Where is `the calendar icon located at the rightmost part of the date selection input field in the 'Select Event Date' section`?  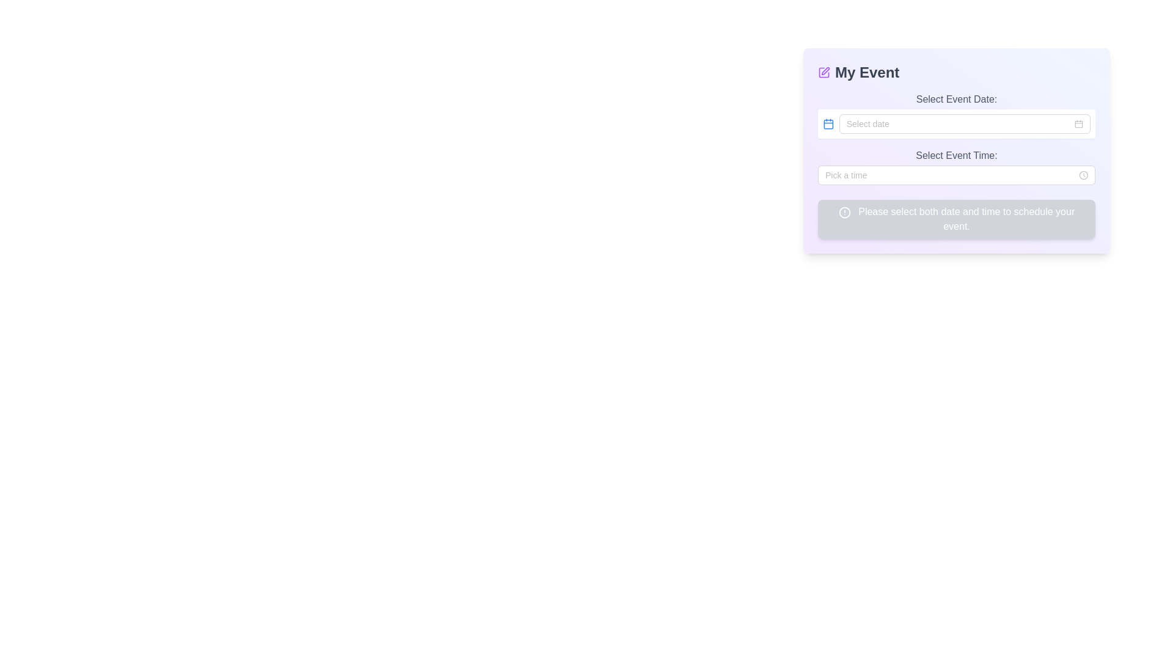 the calendar icon located at the rightmost part of the date selection input field in the 'Select Event Date' section is located at coordinates (1079, 124).